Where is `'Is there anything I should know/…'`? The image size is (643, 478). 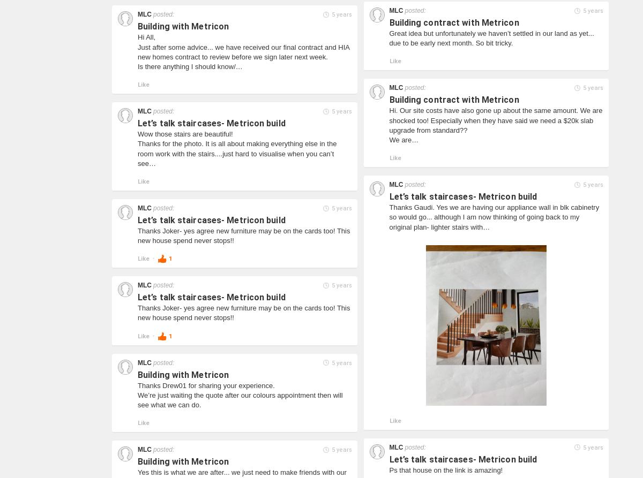 'Is there anything I should know/…' is located at coordinates (190, 66).